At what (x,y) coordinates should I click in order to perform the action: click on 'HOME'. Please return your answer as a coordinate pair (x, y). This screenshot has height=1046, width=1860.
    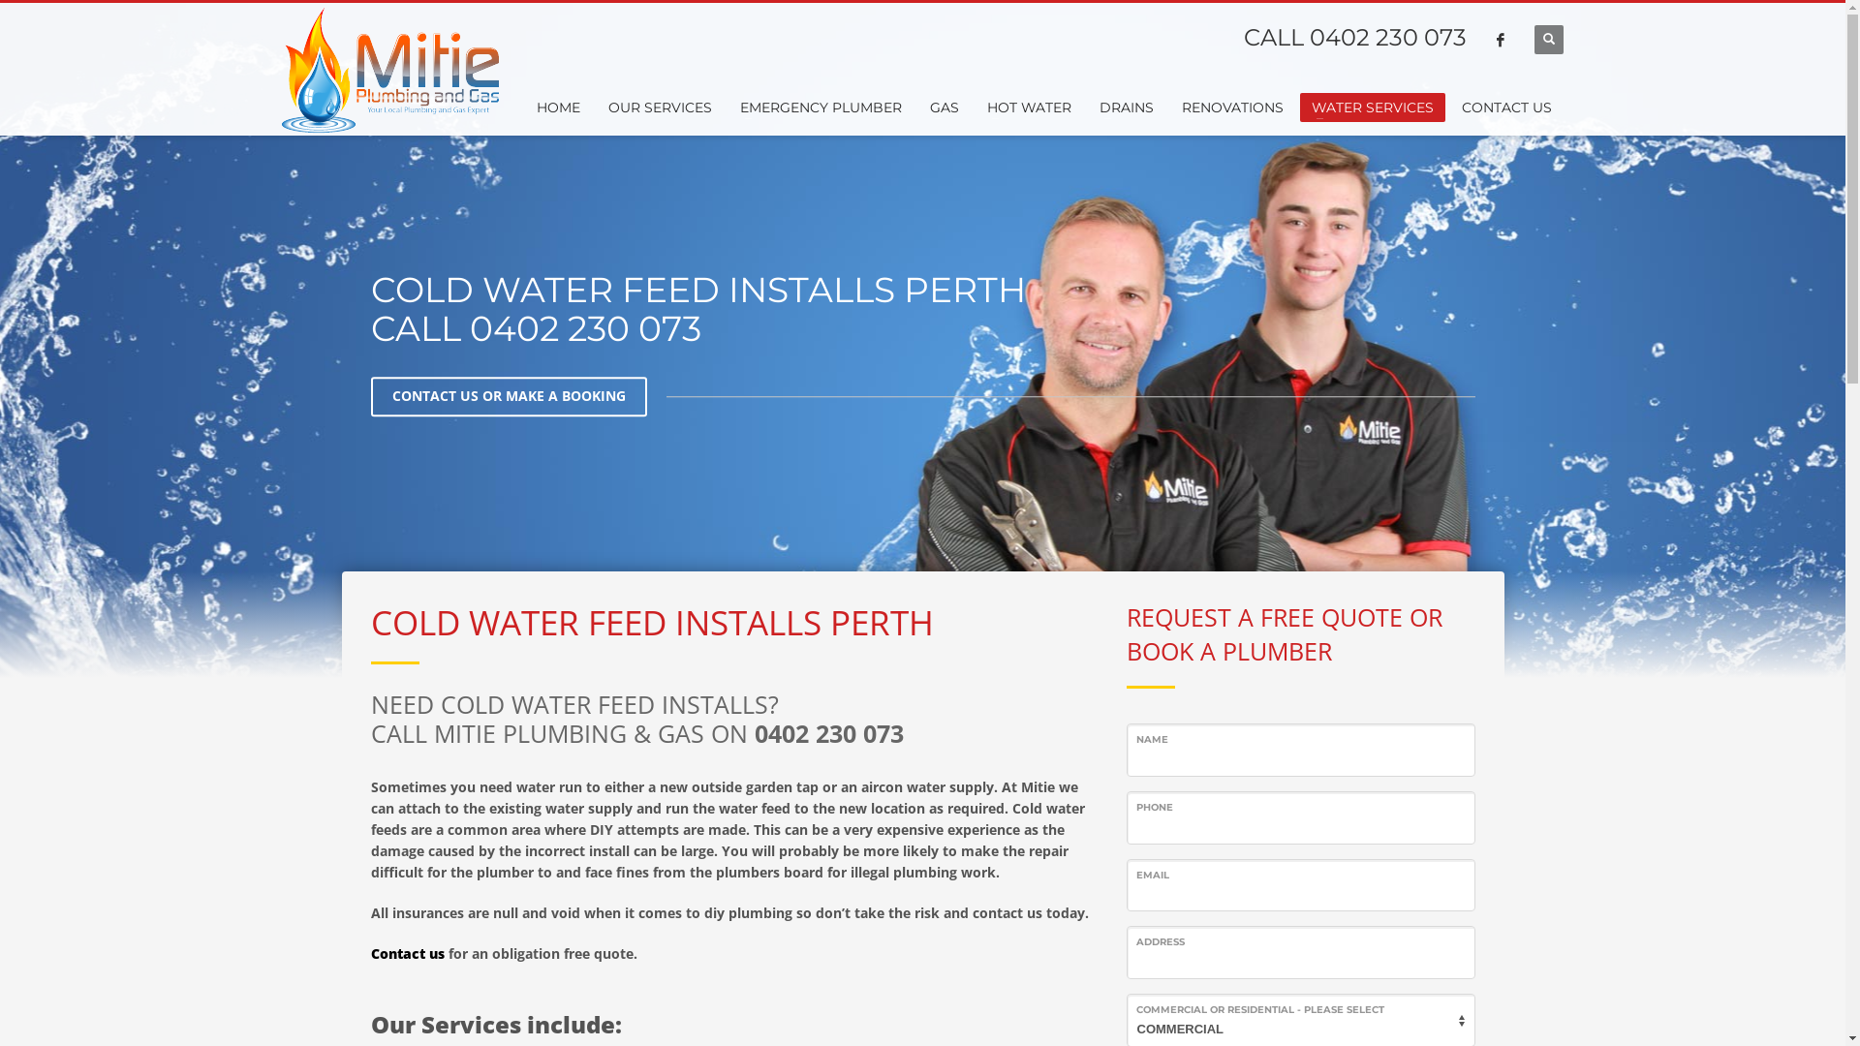
    Looking at the image, I should click on (557, 108).